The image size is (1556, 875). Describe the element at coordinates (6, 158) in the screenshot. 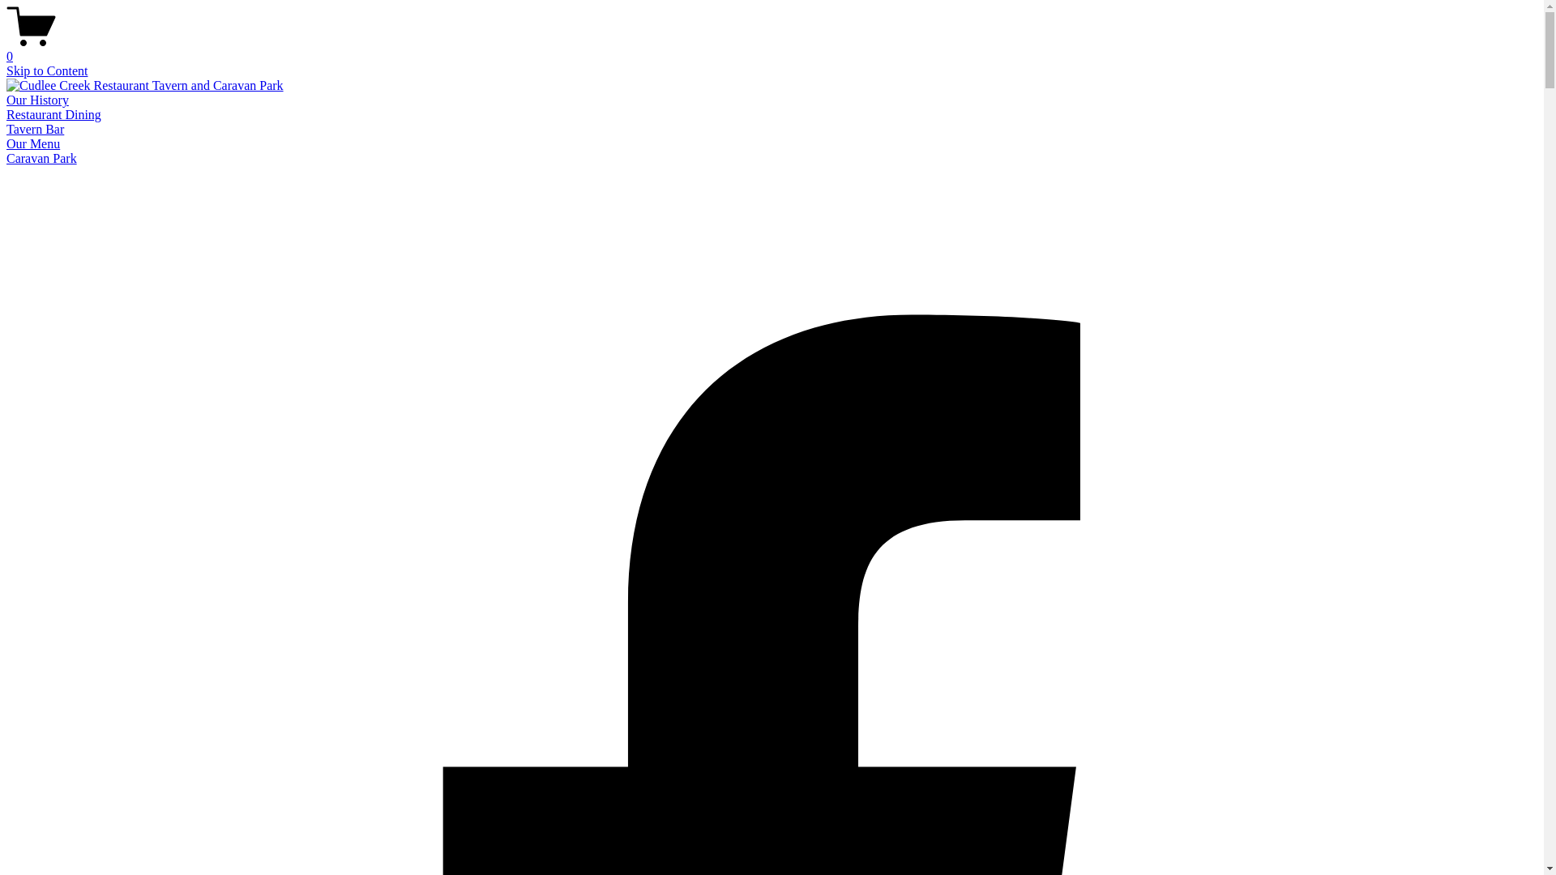

I see `'Caravan Park'` at that location.